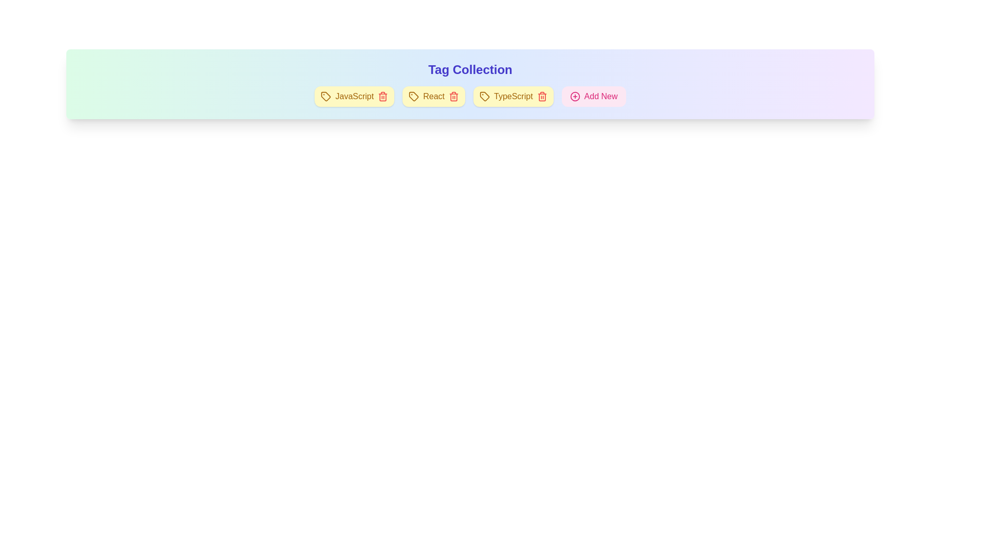  Describe the element at coordinates (434, 97) in the screenshot. I see `the non-interactive Text label for 'React', which is the second tag in the 'Tag Collection' bar, positioned between the 'JavaScript' and 'TypeScript' tags` at that location.